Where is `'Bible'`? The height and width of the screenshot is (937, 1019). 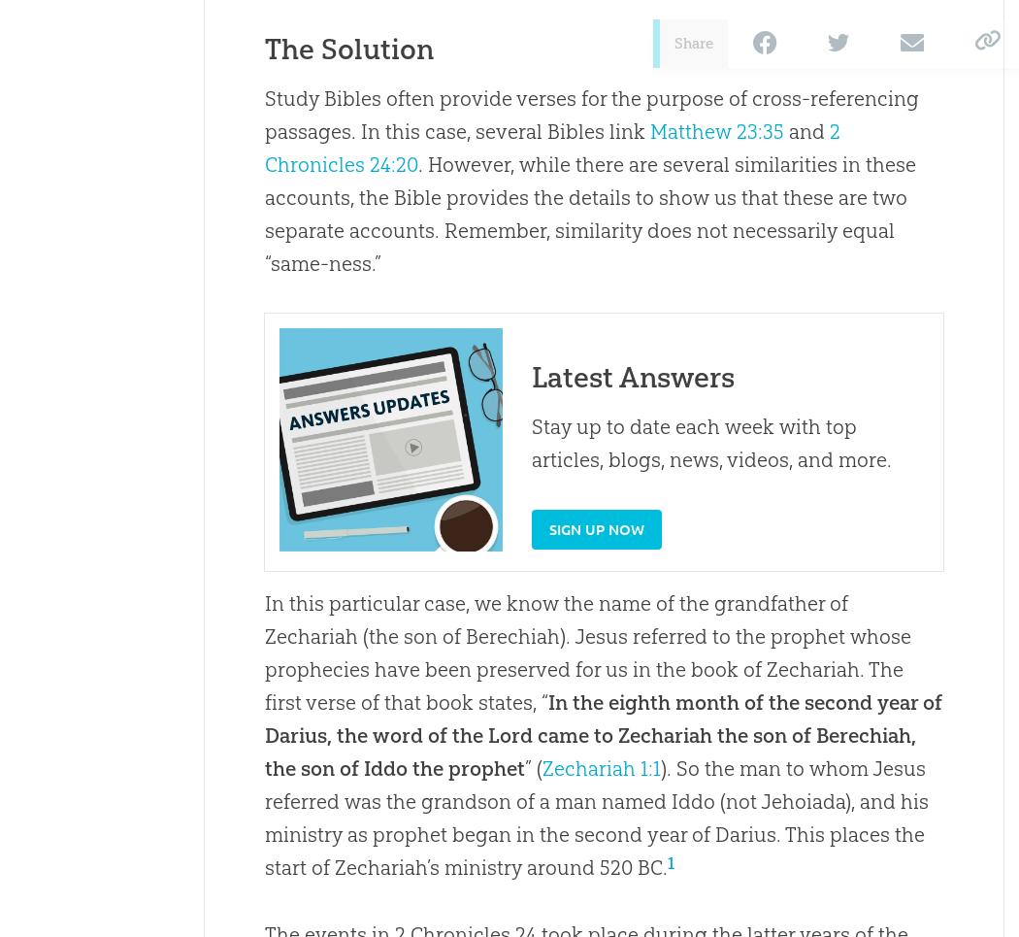
'Bible' is located at coordinates (415, 197).